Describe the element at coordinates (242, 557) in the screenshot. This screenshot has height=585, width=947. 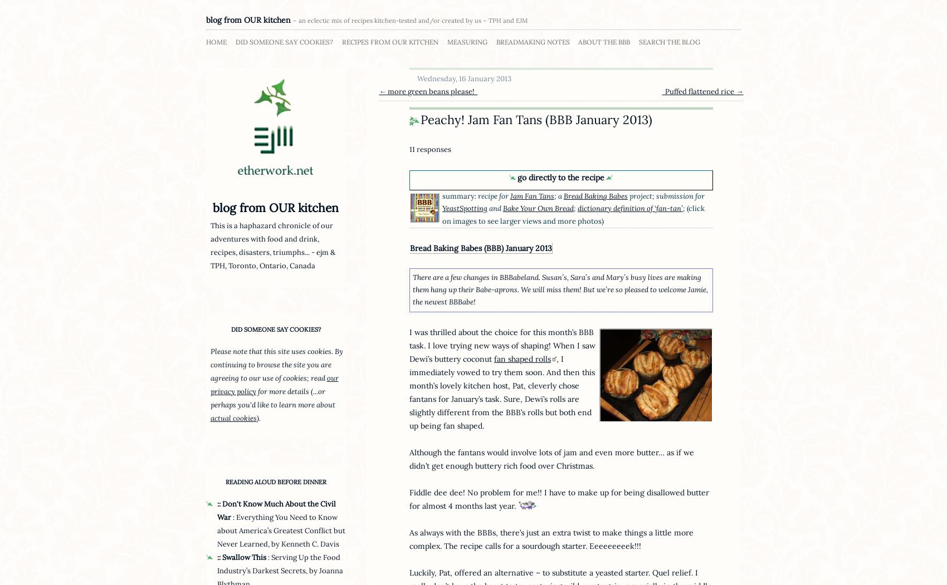
I see `':: Swallow This'` at that location.